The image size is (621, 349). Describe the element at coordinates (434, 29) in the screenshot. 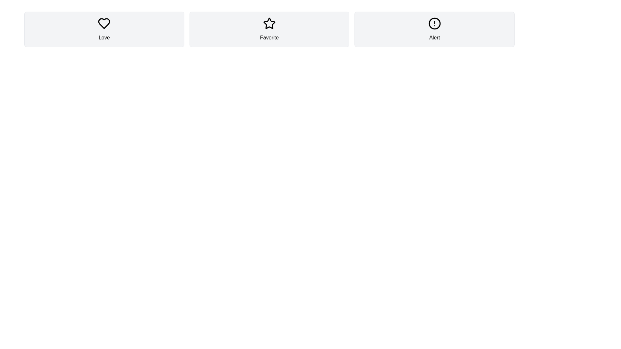

I see `the card with an alert icon and the label 'Alert', which is the third card in a row of three cards, located to the right of the 'Favorite' card` at that location.